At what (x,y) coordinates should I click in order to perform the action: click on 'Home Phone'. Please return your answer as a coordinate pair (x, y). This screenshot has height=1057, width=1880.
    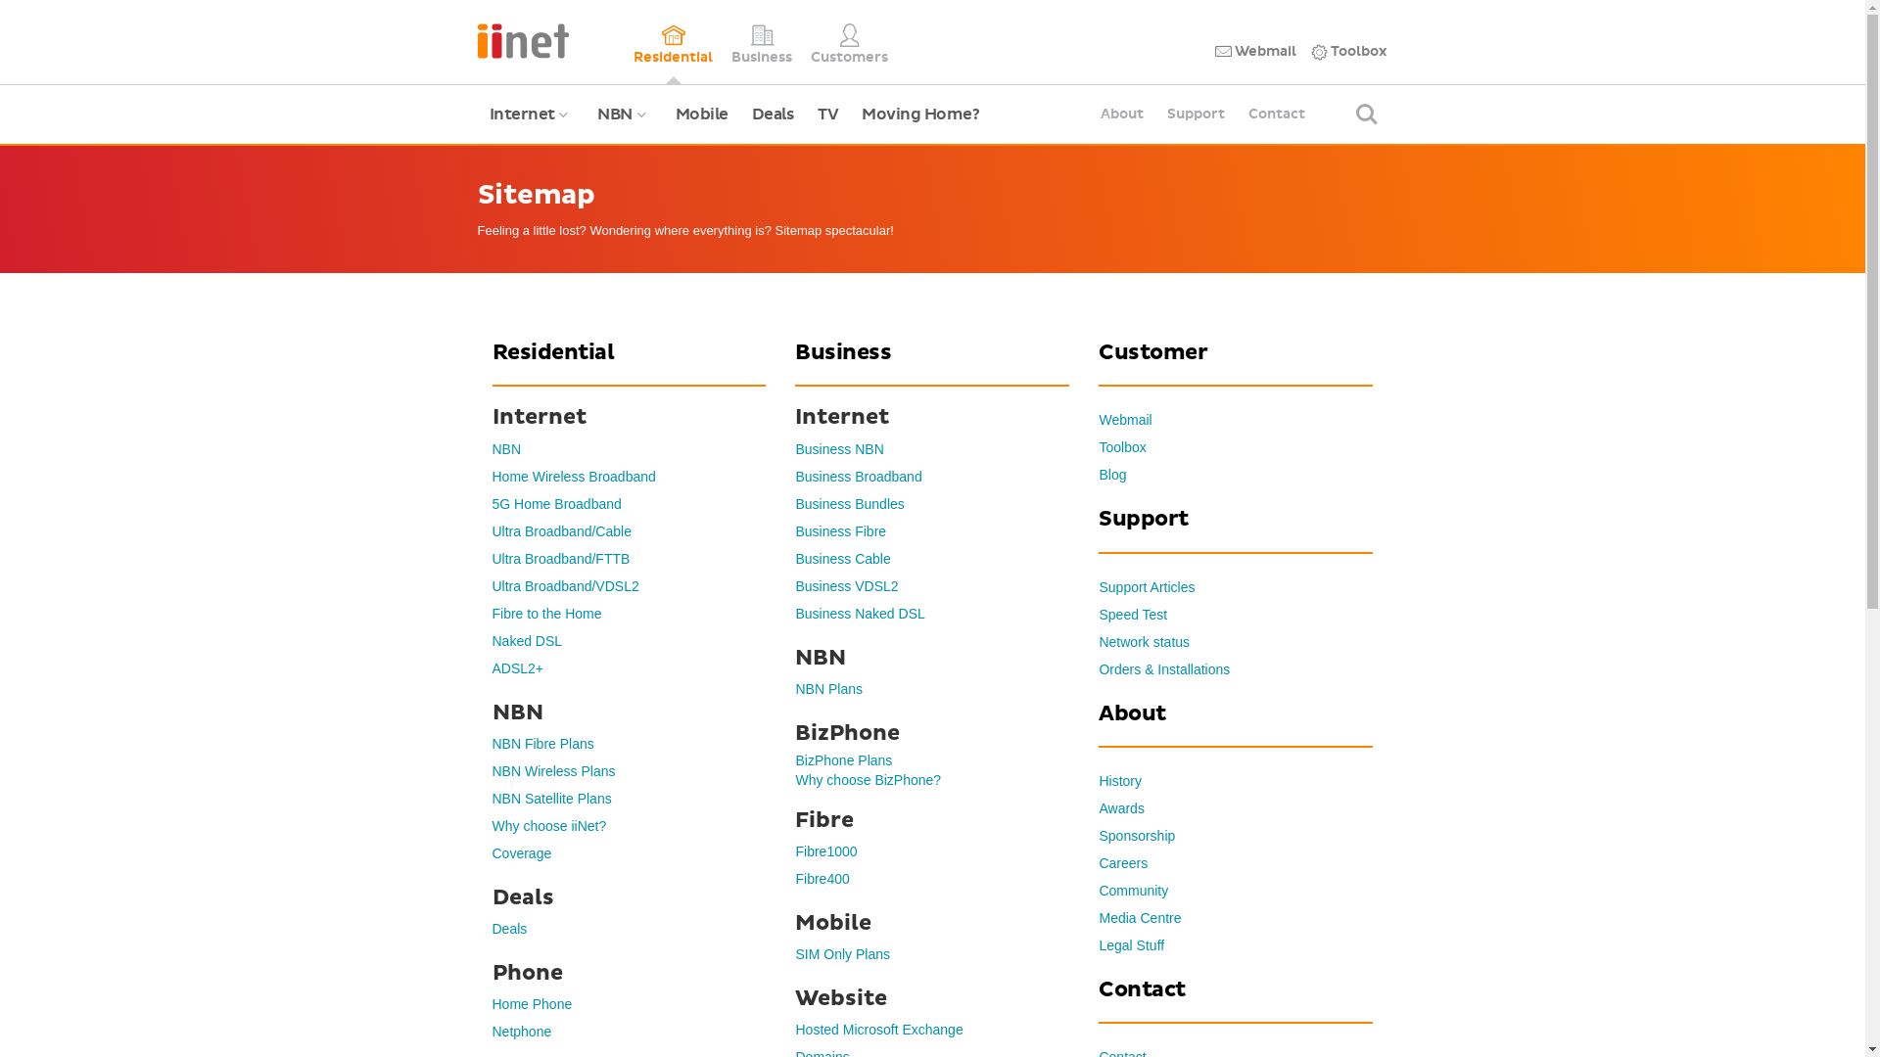
    Looking at the image, I should click on (531, 1004).